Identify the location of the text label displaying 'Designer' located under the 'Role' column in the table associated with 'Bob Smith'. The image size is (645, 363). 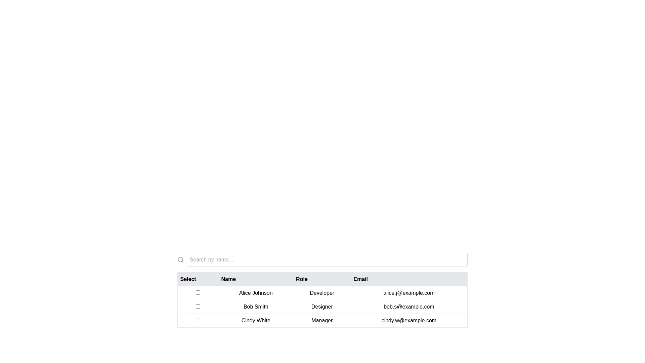
(321, 307).